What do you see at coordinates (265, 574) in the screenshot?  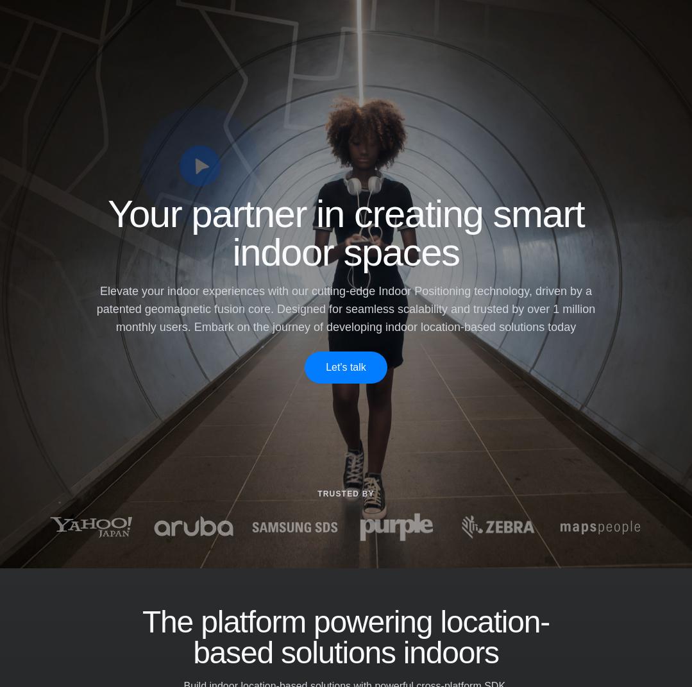 I see `'Blog'` at bounding box center [265, 574].